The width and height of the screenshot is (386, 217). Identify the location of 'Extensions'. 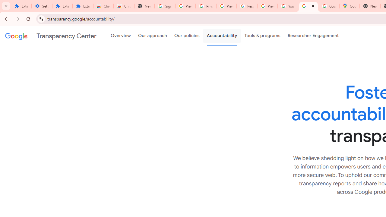
(62, 6).